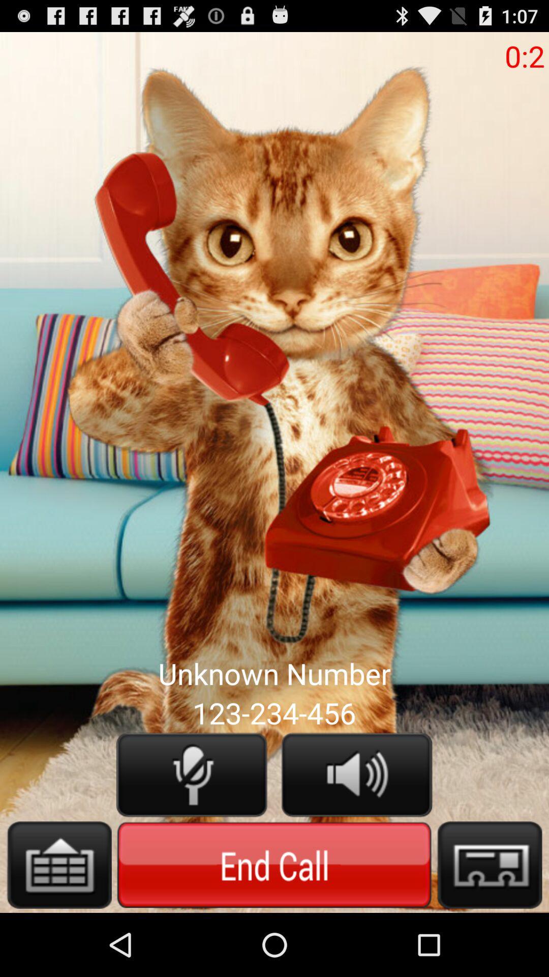 This screenshot has width=549, height=977. I want to click on for end call, so click(273, 864).